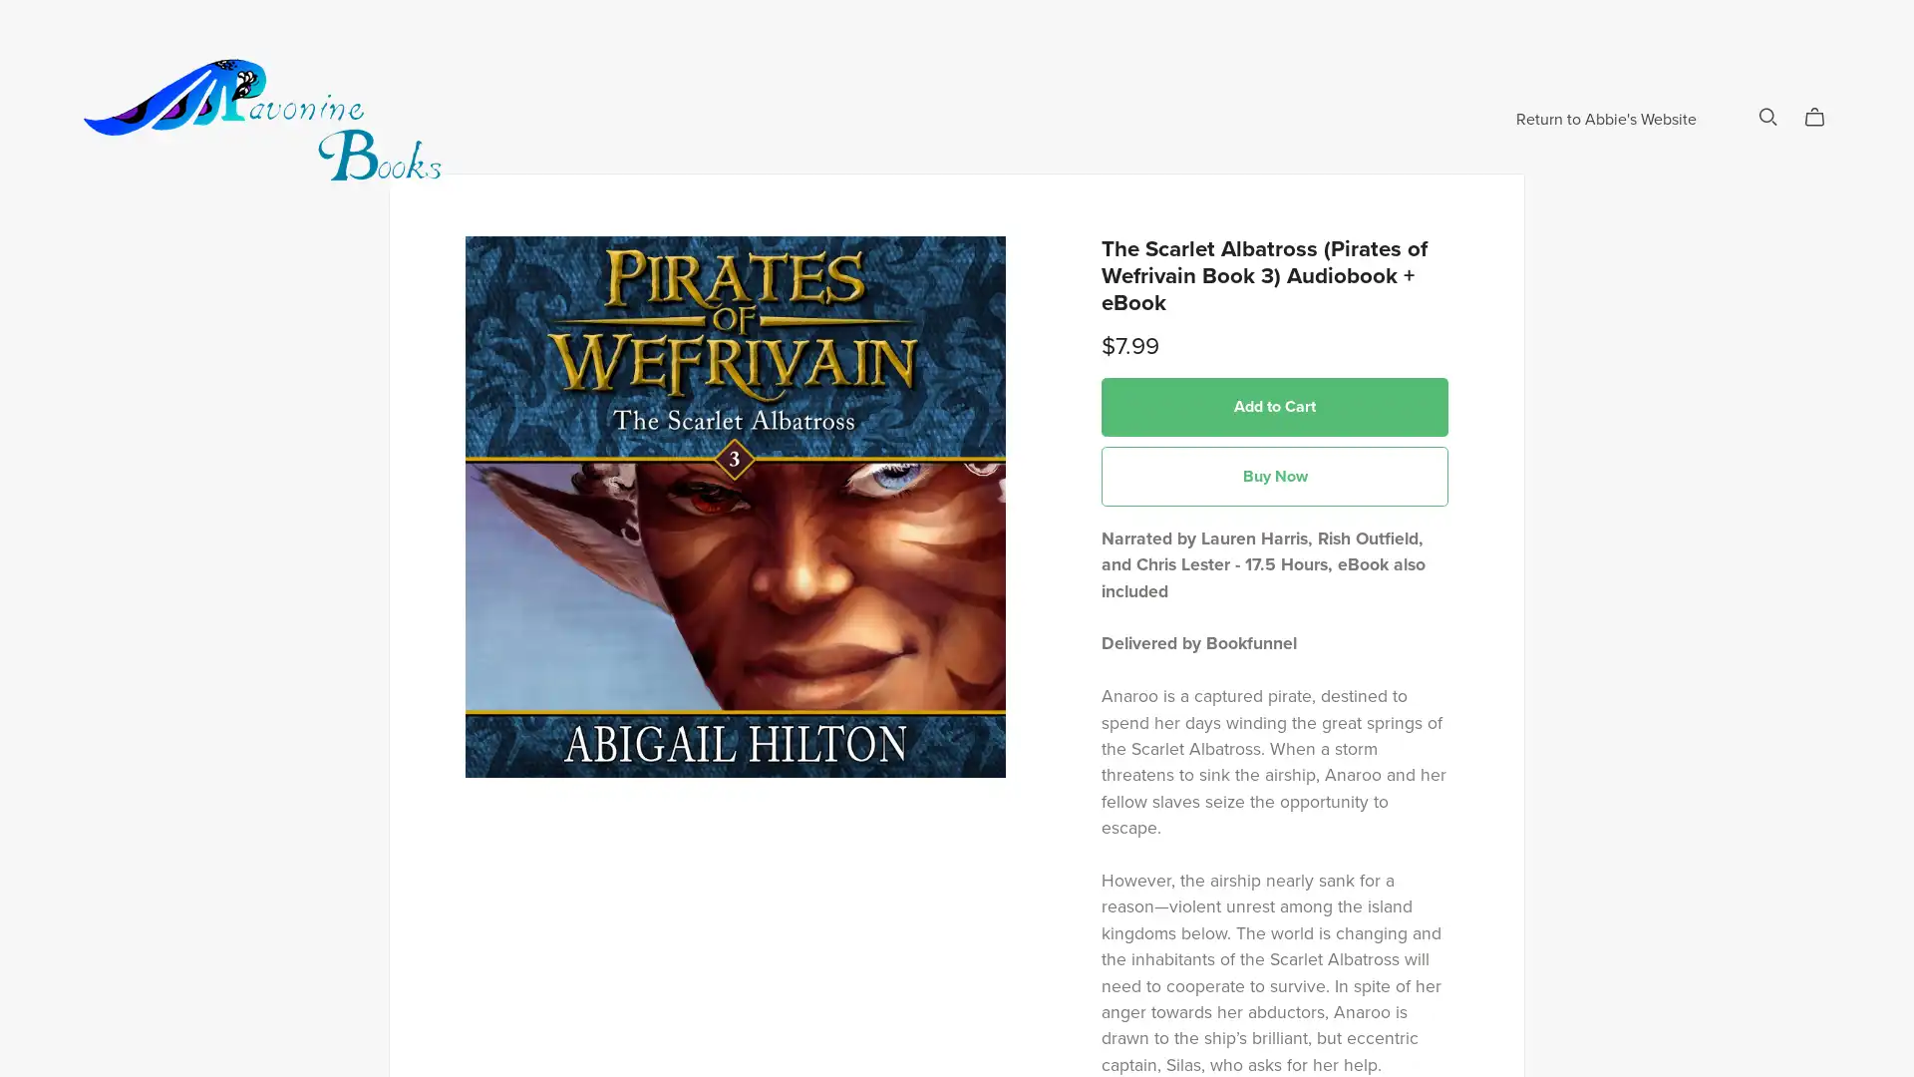 Image resolution: width=1914 pixels, height=1077 pixels. I want to click on Buy Now, so click(1273, 542).